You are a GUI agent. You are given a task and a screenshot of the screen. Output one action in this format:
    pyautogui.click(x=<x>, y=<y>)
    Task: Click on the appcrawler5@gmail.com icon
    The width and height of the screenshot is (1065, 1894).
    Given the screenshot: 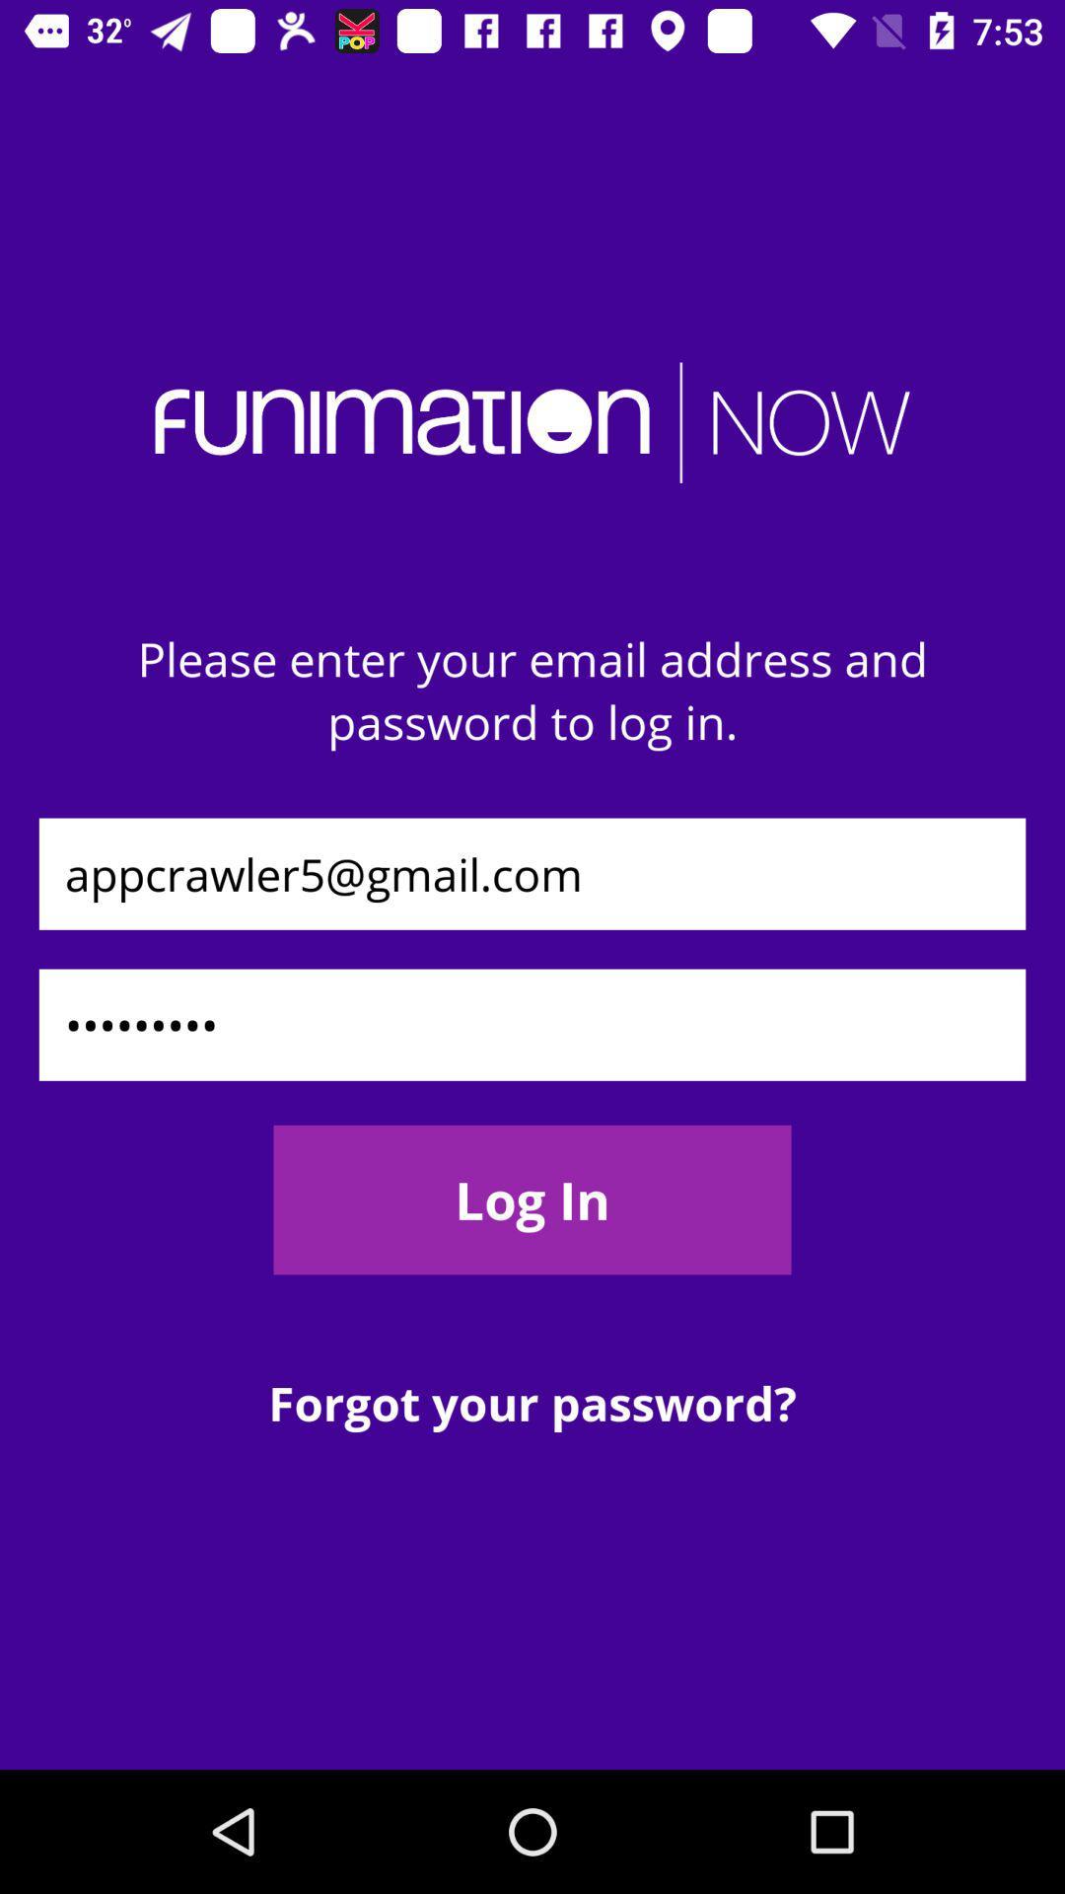 What is the action you would take?
    pyautogui.click(x=532, y=873)
    